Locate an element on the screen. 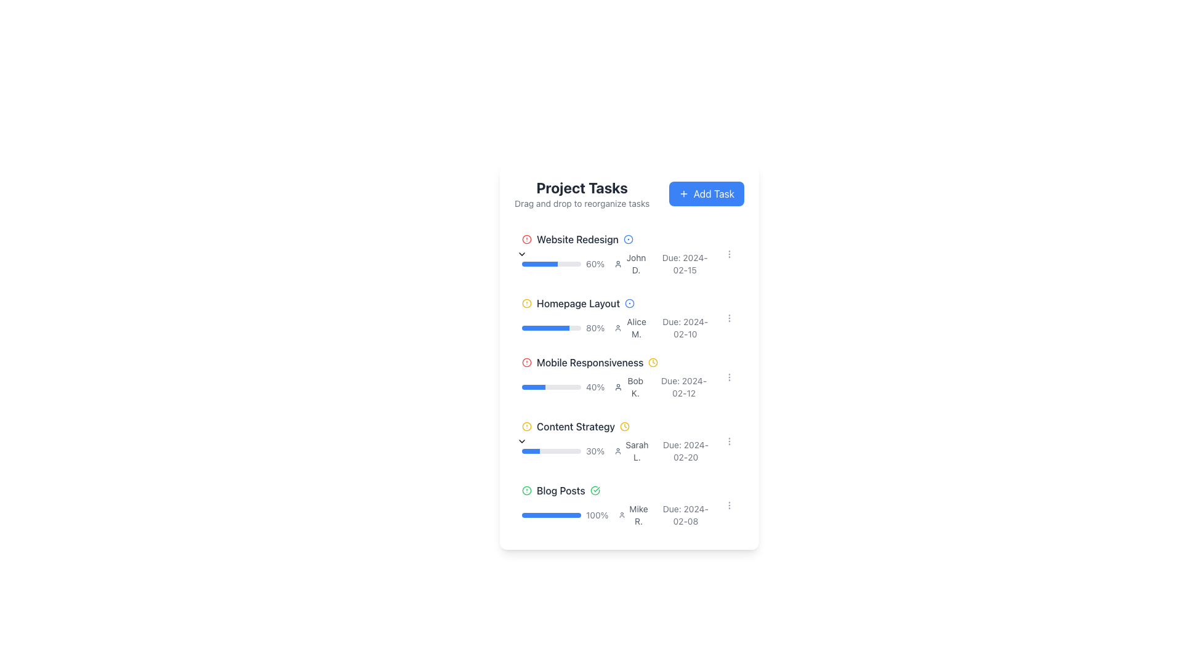  more details about the task entry labeled 'Blog Posts', which shows 100% progress and has a green checkmark, assigned to 'Mike R.' with a due date of '2024-02-08' is located at coordinates (629, 506).